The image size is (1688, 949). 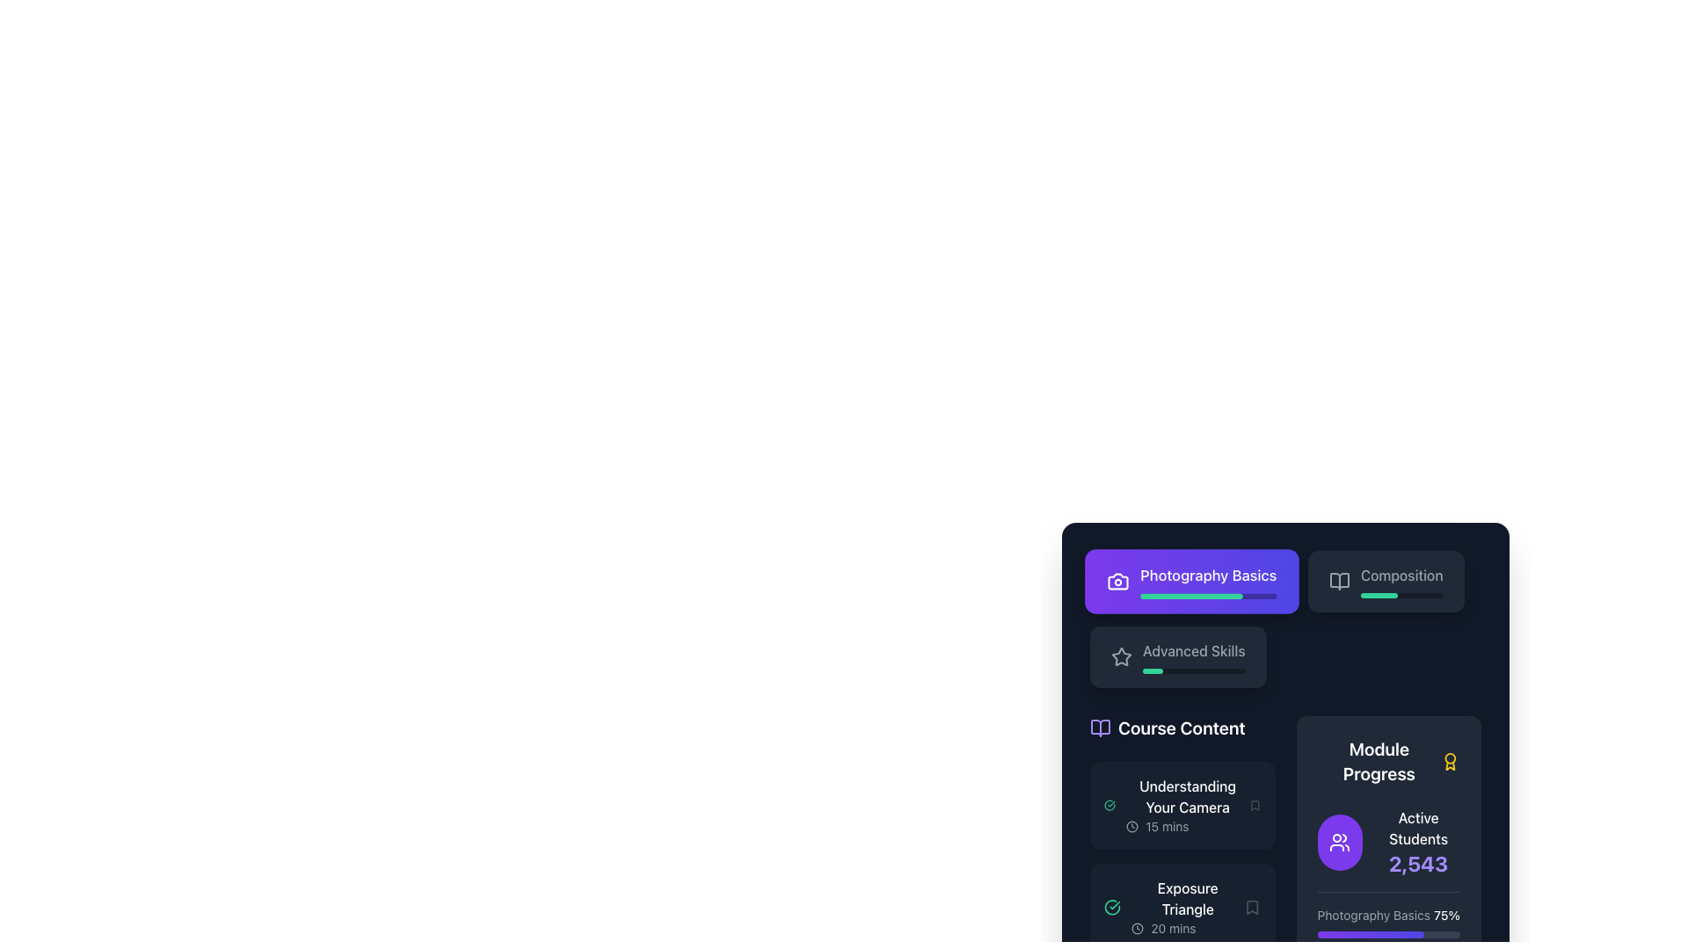 What do you see at coordinates (1387, 921) in the screenshot?
I see `the Progress indicator for the 'Photography Basics' module to check for interactive details` at bounding box center [1387, 921].